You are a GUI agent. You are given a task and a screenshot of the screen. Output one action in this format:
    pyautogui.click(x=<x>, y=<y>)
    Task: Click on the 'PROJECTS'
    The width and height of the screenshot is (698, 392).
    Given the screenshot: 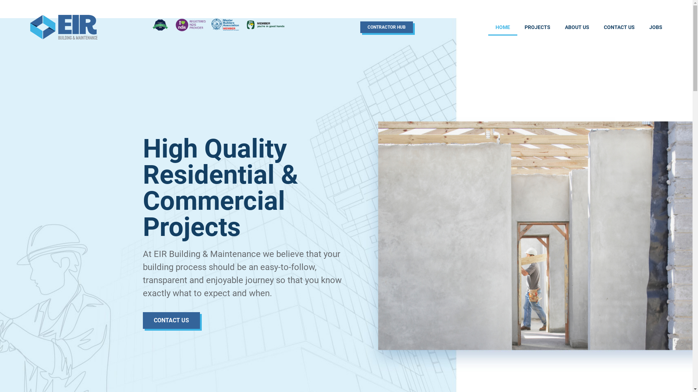 What is the action you would take?
    pyautogui.click(x=537, y=26)
    